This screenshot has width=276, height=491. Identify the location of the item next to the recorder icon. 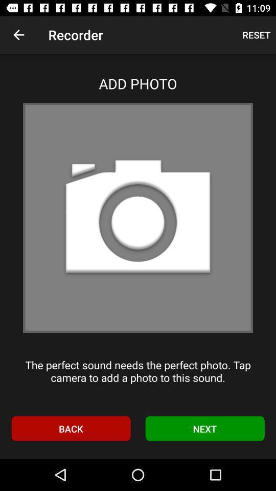
(256, 35).